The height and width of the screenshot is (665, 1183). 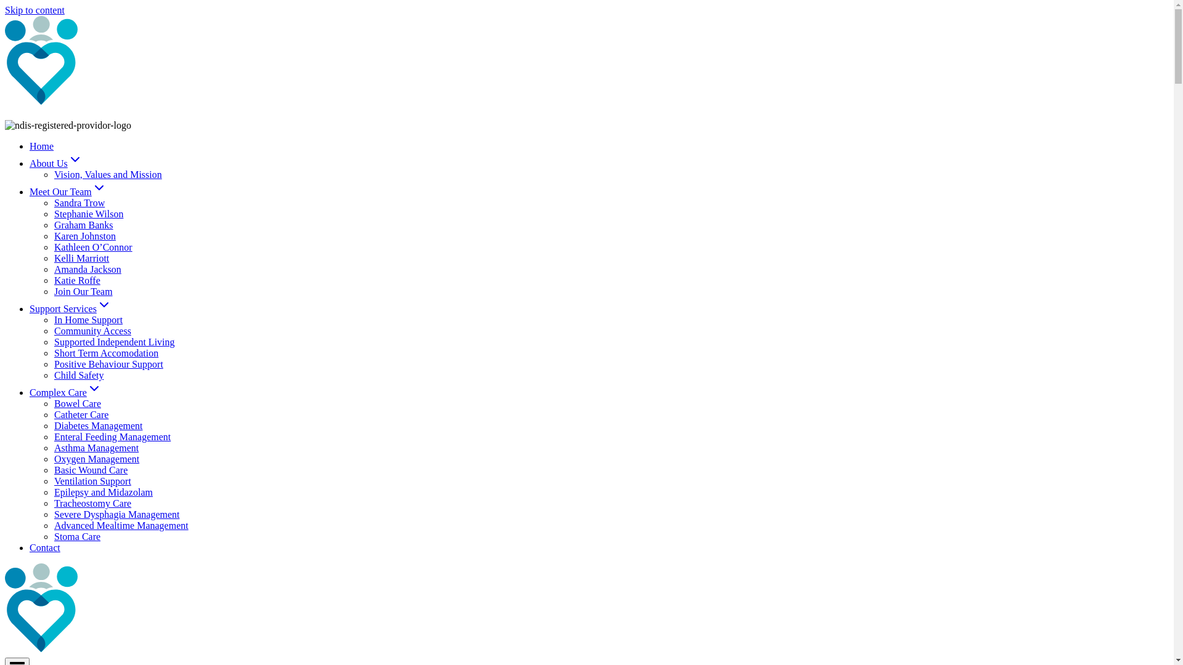 I want to click on 'Severe Dysphagia Management', so click(x=116, y=514).